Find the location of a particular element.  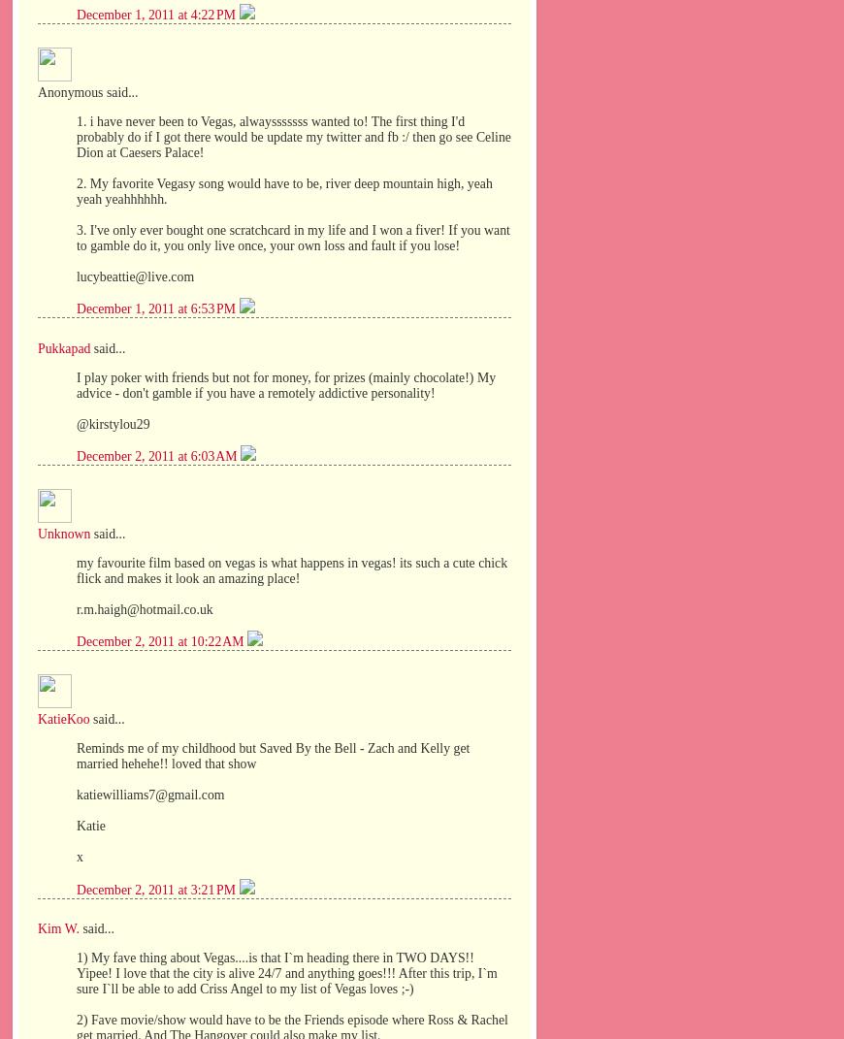

'KatieKoo' is located at coordinates (62, 718).